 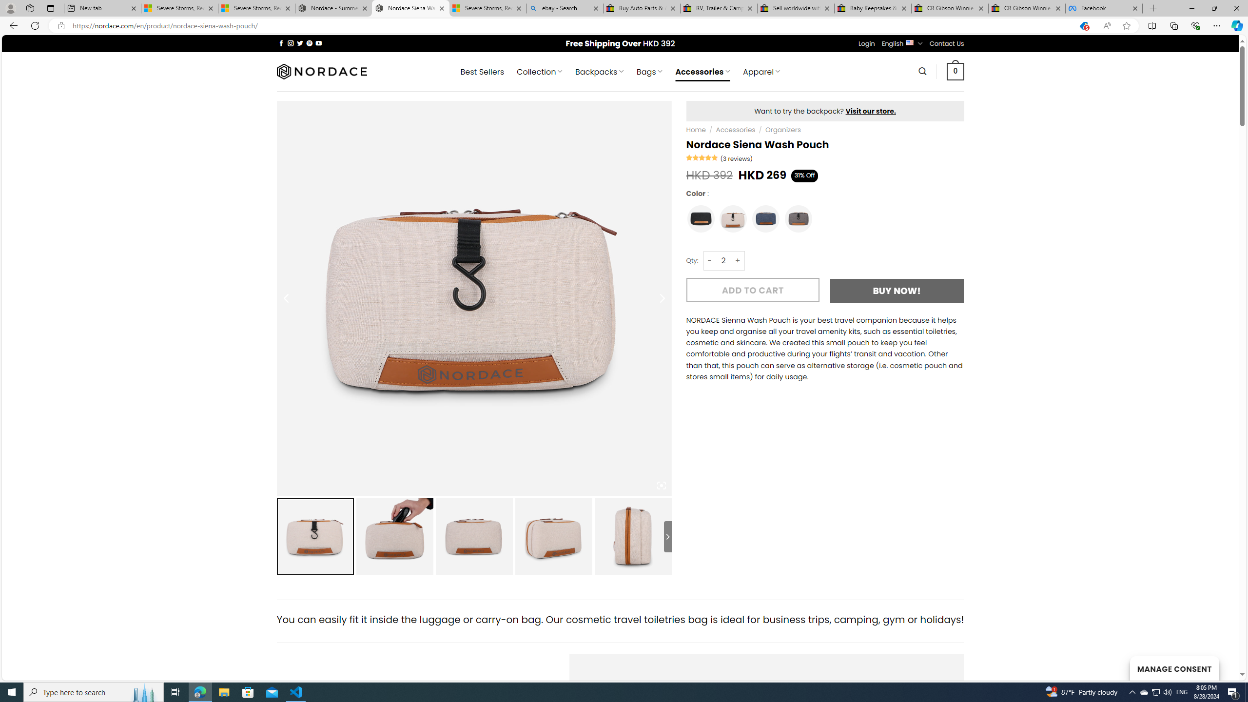 I want to click on 'Rated 5.00 out of 5', so click(x=702, y=156).